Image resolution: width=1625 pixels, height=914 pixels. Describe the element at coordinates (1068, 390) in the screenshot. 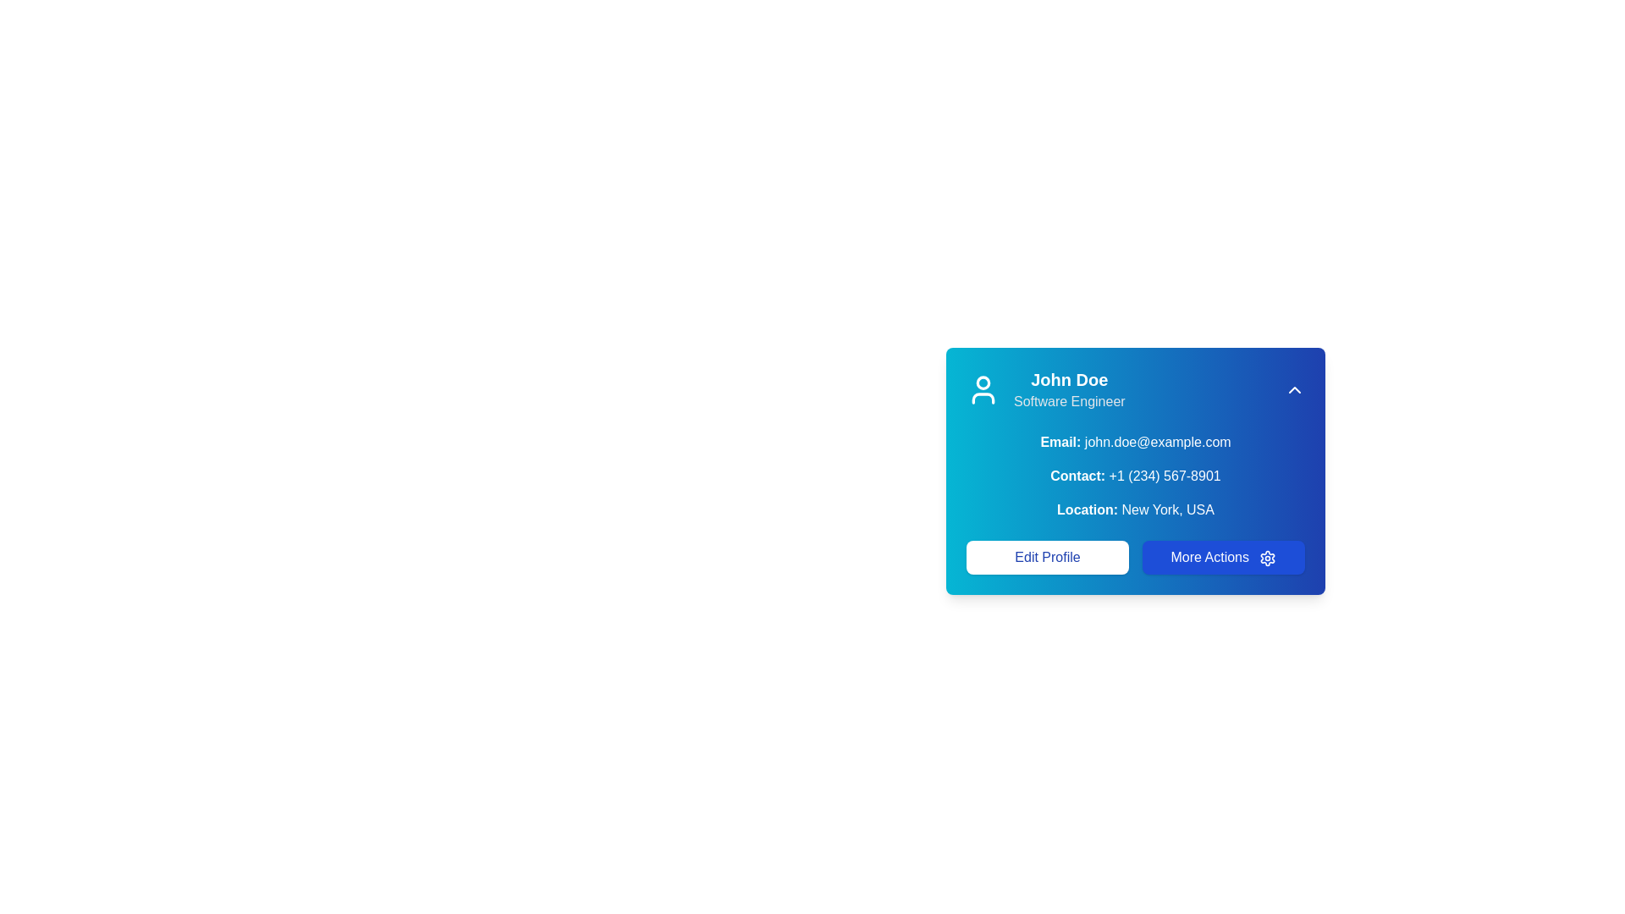

I see `the text label displaying 'John Doe' in bold white and 'Software Engineer' in lighter gray, located in the top section of a prominent card-like structure, centered to the right of the card` at that location.